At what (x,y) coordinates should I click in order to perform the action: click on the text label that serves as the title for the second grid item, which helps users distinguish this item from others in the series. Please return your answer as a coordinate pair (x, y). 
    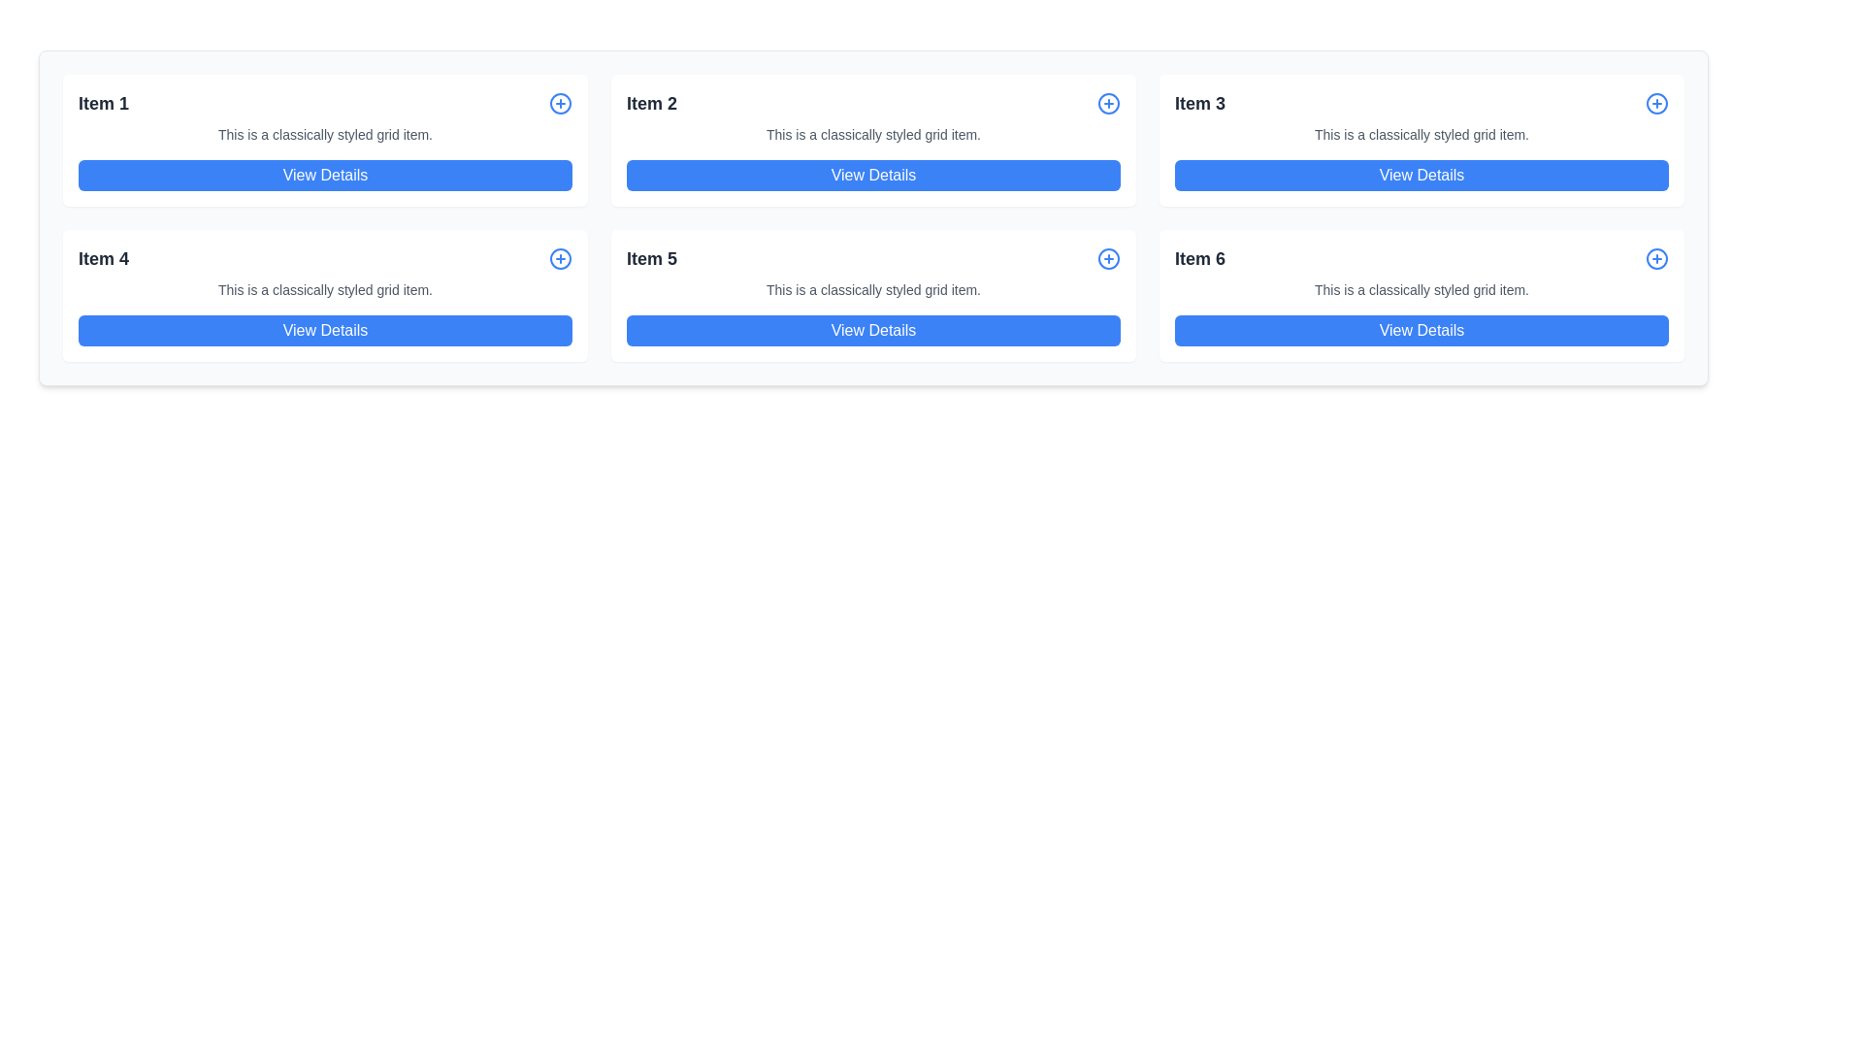
    Looking at the image, I should click on (652, 104).